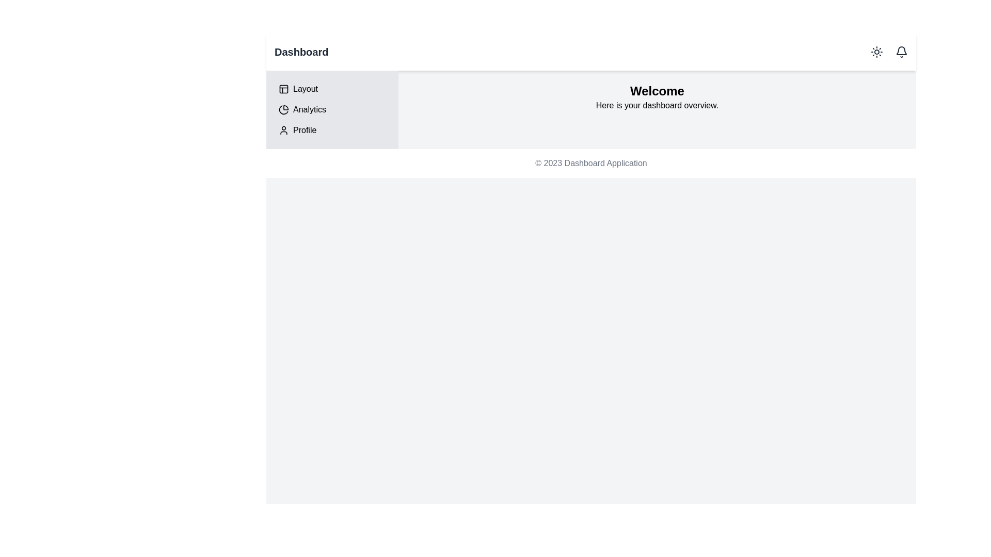 The width and height of the screenshot is (991, 557). Describe the element at coordinates (876, 52) in the screenshot. I see `the theme-switching icon located in the top navigation bar, adjacent to the bell icon` at that location.